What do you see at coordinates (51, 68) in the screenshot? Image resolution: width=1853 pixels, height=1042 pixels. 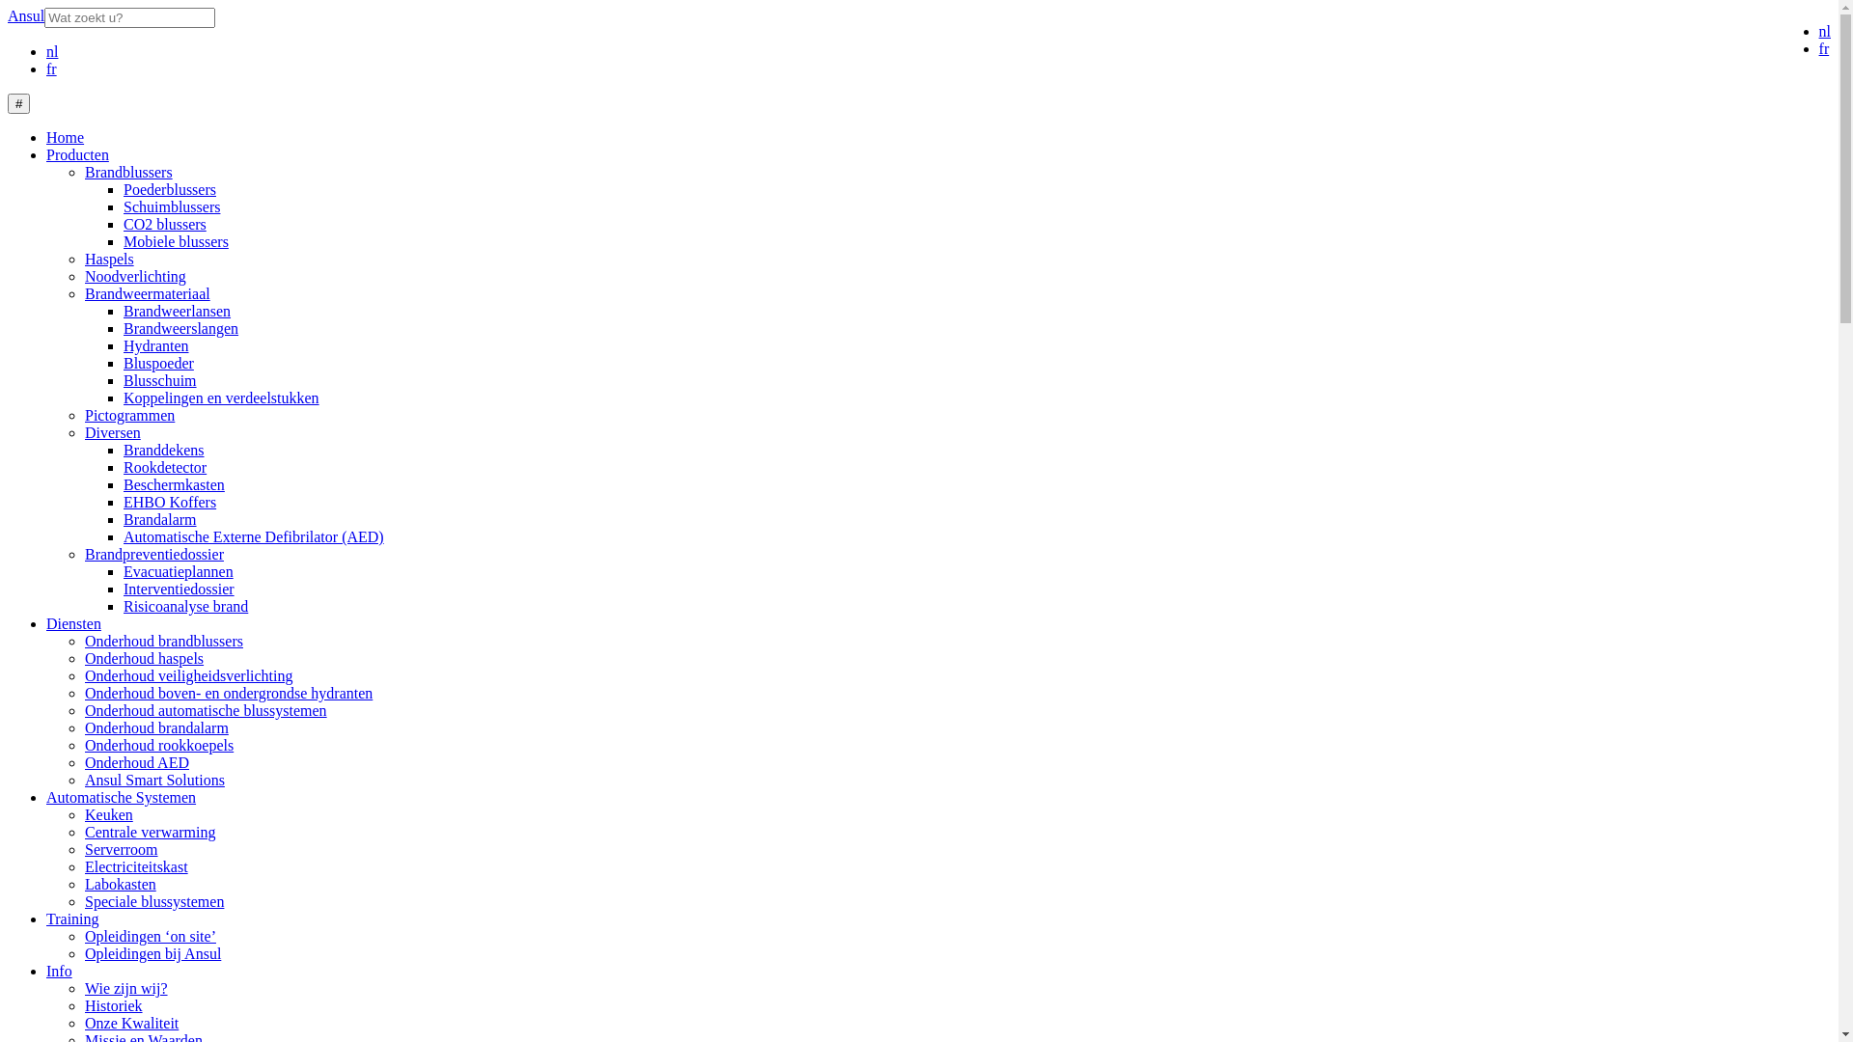 I see `'fr'` at bounding box center [51, 68].